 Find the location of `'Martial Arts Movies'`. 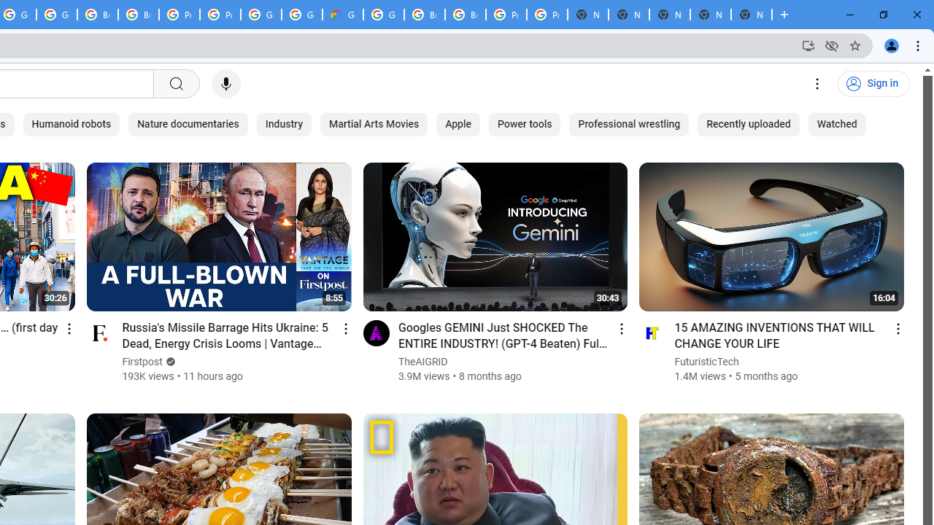

'Martial Arts Movies' is located at coordinates (374, 124).